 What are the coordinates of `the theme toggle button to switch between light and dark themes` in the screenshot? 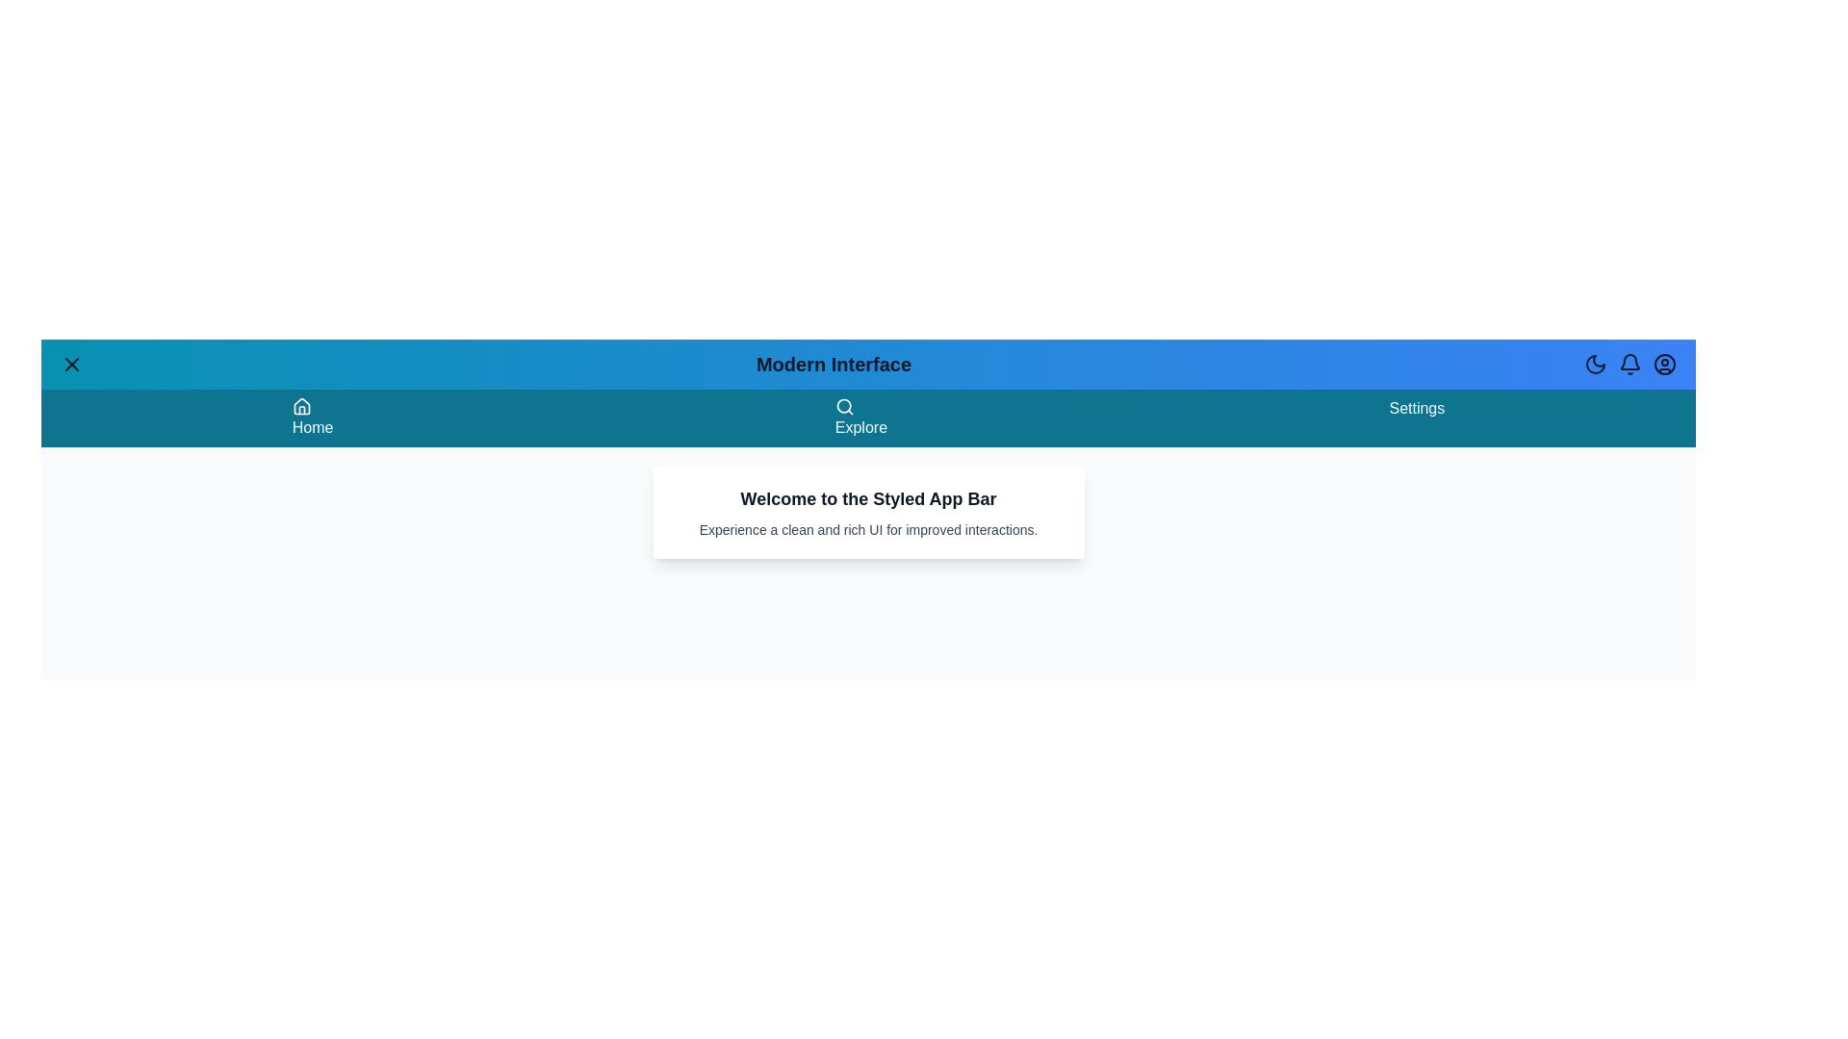 It's located at (1595, 364).